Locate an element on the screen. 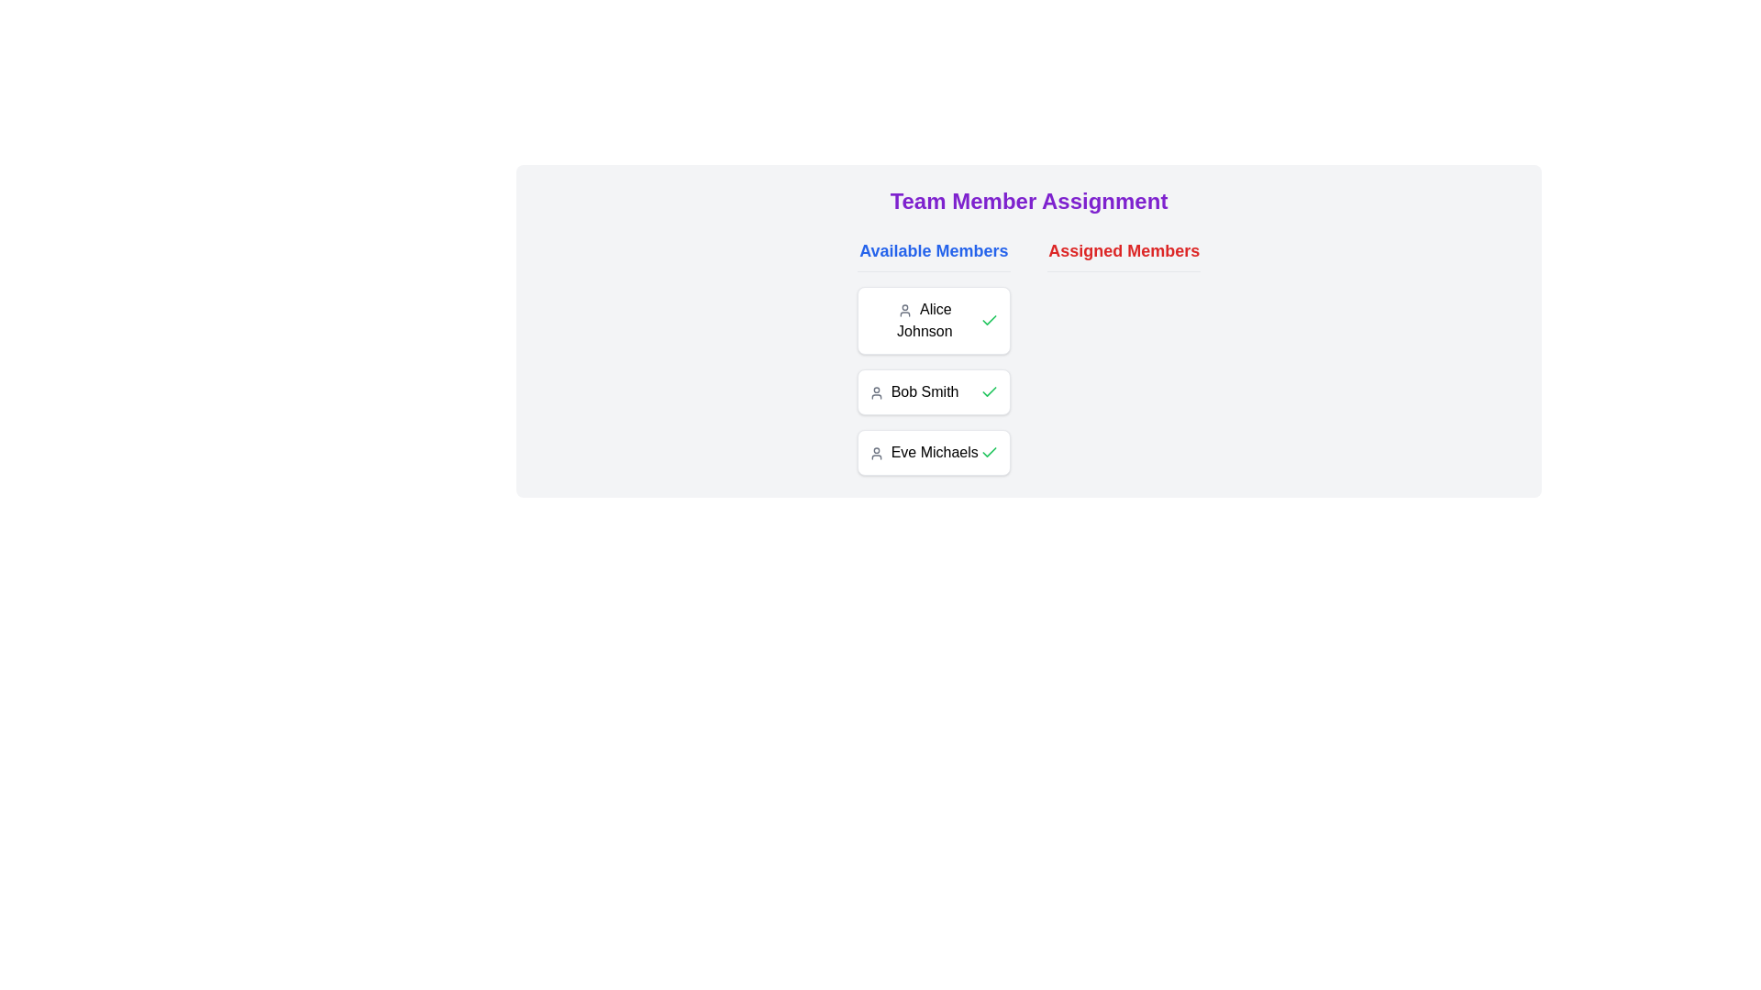 The image size is (1761, 990). text header labeled 'Assigned Members', which is styled in large, bold red font and is underlined, located in the top-right corner of the section is located at coordinates (1123, 255).